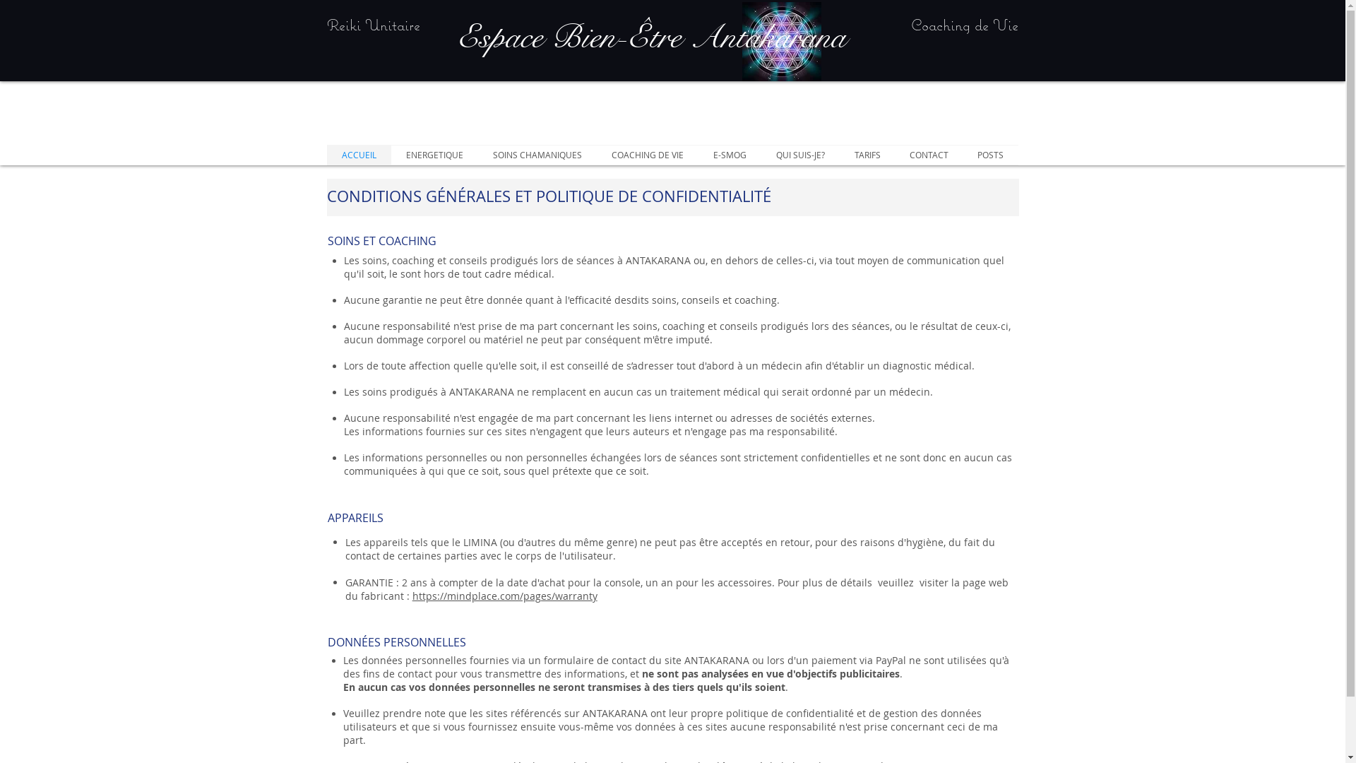 This screenshot has width=1356, height=763. I want to click on 'ACCUEIL', so click(358, 155).